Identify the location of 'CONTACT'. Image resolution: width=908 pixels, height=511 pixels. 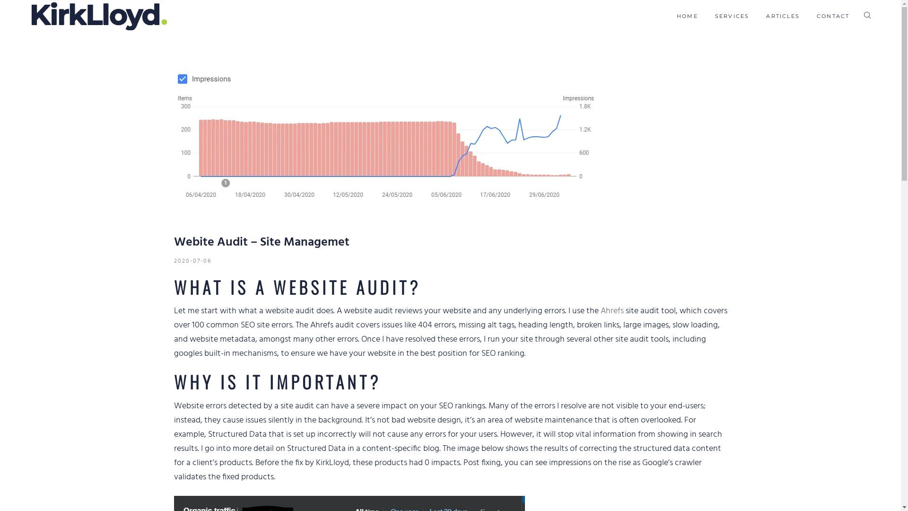
(816, 16).